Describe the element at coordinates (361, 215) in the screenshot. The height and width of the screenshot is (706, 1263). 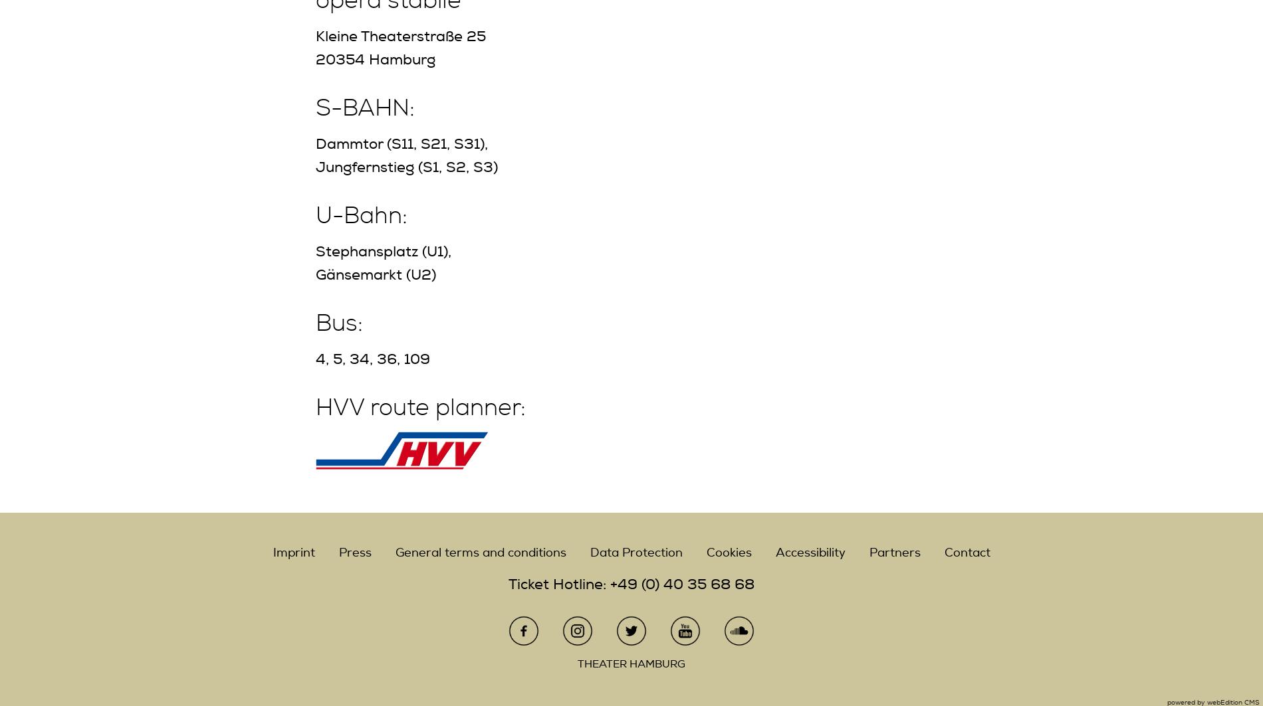
I see `'U-Bahn:'` at that location.